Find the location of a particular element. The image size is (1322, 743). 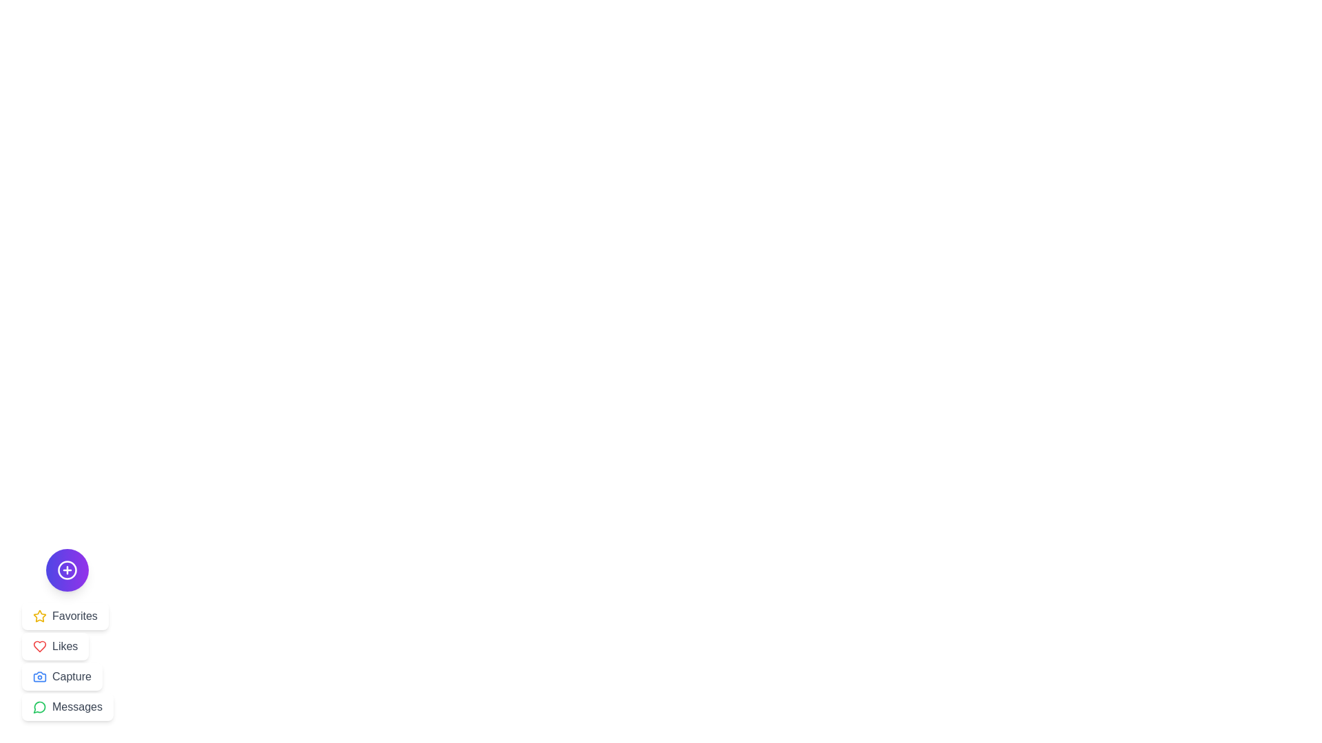

the Likes button from the menu is located at coordinates (55, 647).